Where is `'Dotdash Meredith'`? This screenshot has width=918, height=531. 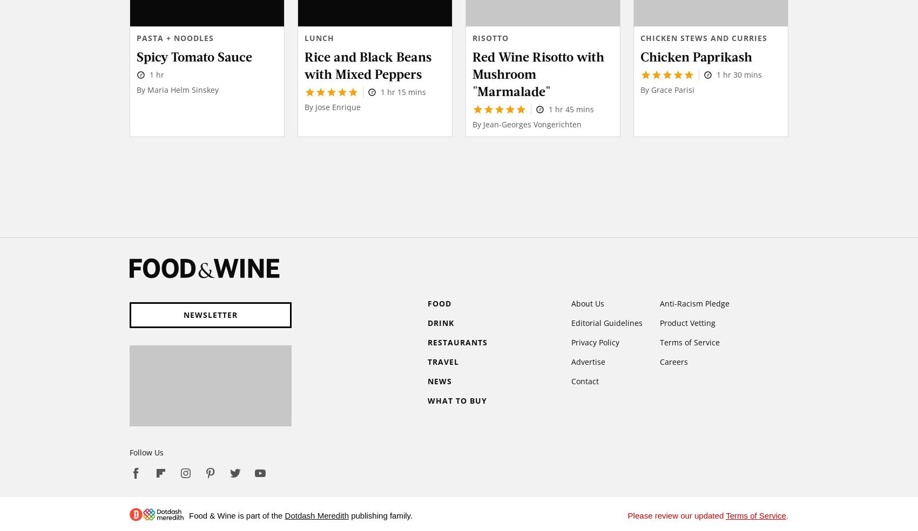 'Dotdash Meredith' is located at coordinates (316, 515).